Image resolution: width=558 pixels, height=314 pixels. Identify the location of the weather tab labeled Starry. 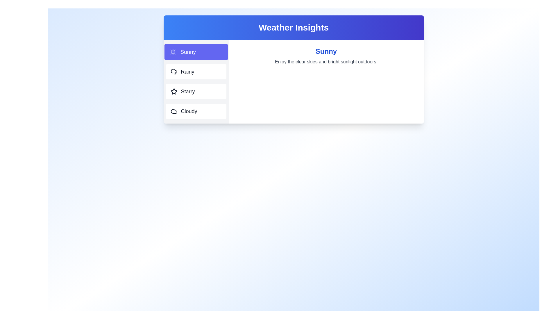
(196, 92).